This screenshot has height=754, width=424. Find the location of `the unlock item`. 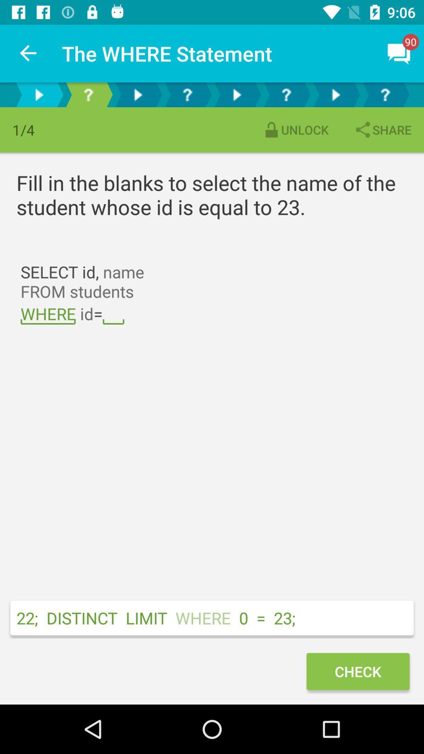

the unlock item is located at coordinates (295, 130).